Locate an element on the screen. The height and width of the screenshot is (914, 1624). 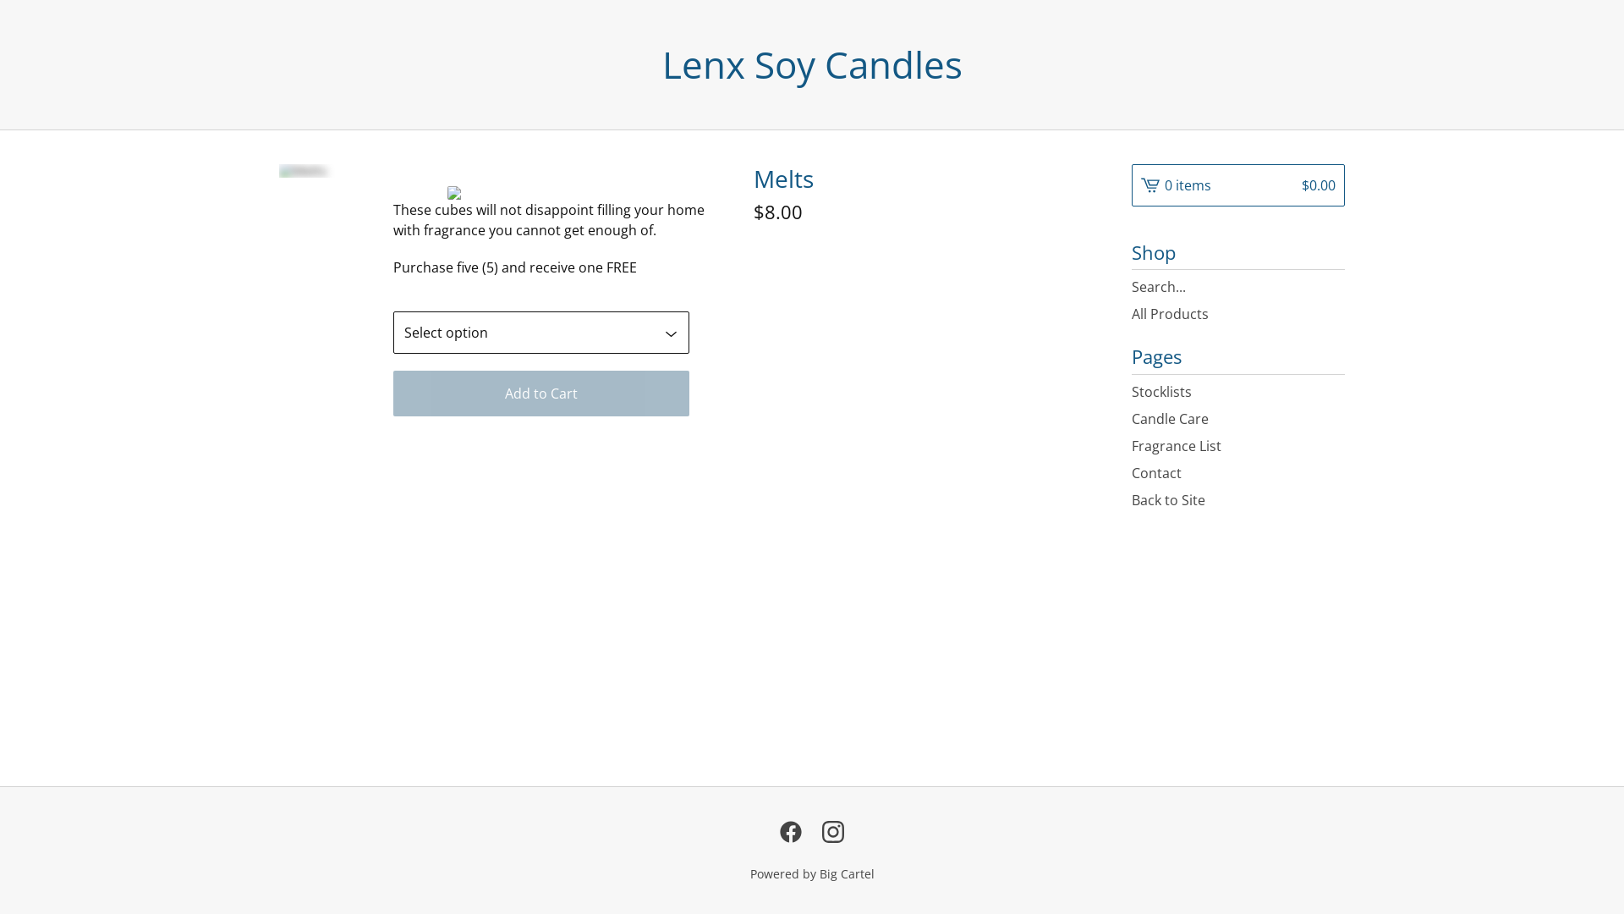
'Fragrance List' is located at coordinates (1238, 445).